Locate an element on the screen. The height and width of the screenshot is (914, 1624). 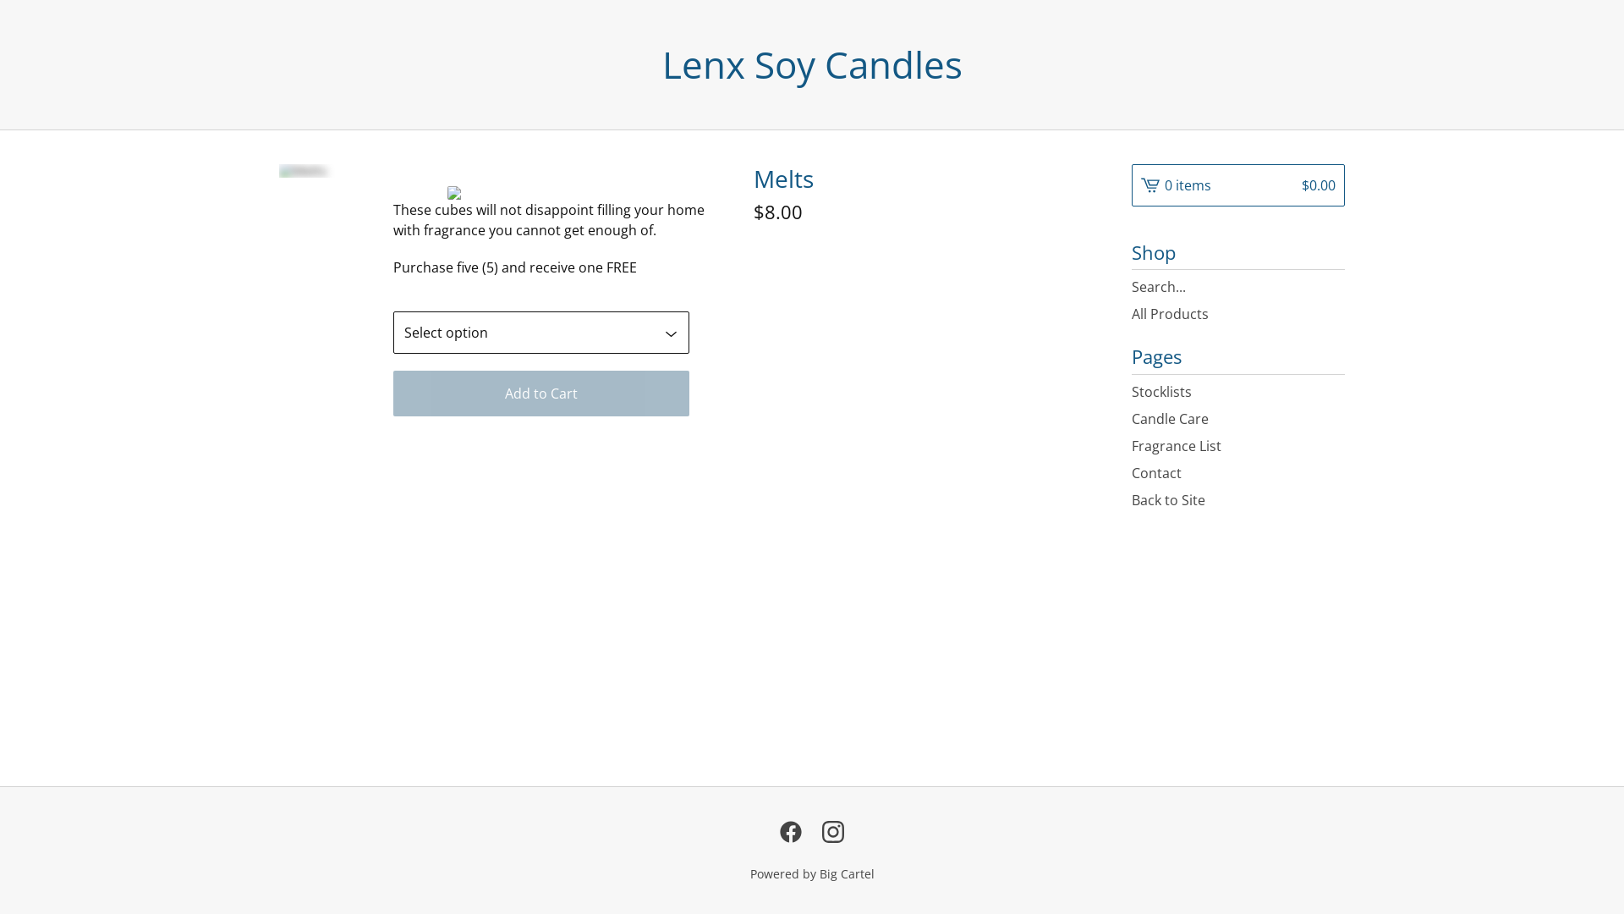
'Fragrance List' is located at coordinates (1238, 445).